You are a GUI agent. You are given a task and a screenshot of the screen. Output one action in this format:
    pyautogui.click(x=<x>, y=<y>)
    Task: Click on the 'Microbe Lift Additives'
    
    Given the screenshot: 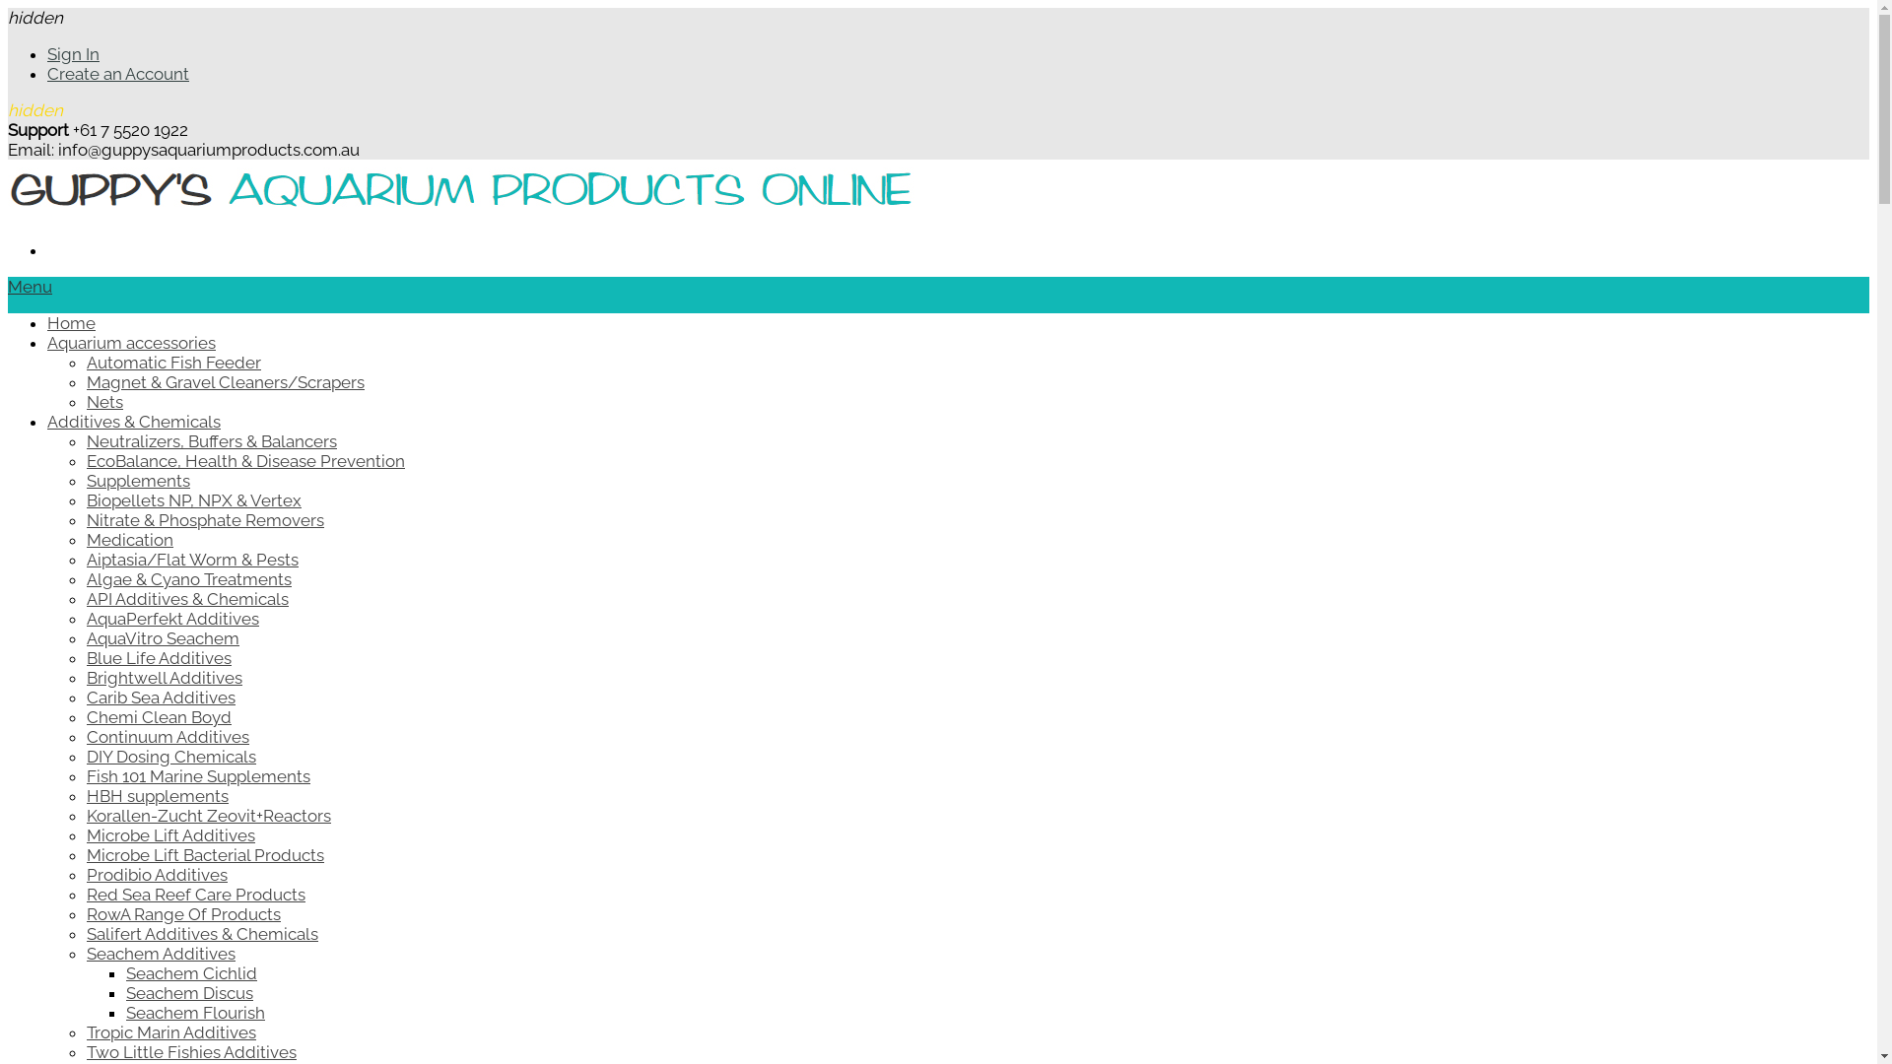 What is the action you would take?
    pyautogui.click(x=170, y=835)
    